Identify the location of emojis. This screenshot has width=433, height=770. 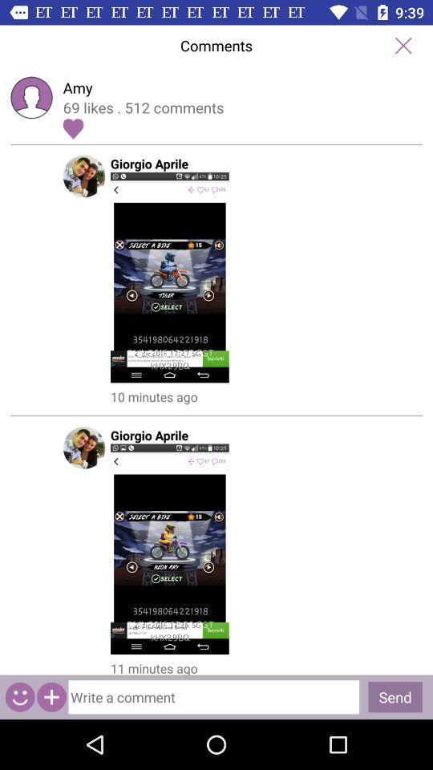
(19, 696).